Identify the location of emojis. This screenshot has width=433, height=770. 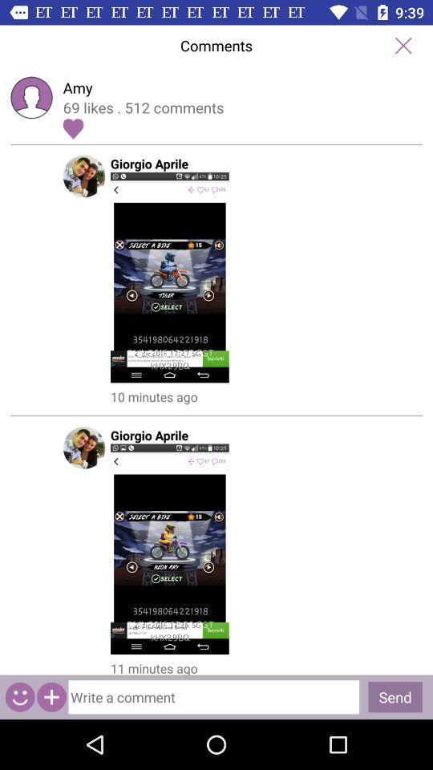
(19, 696).